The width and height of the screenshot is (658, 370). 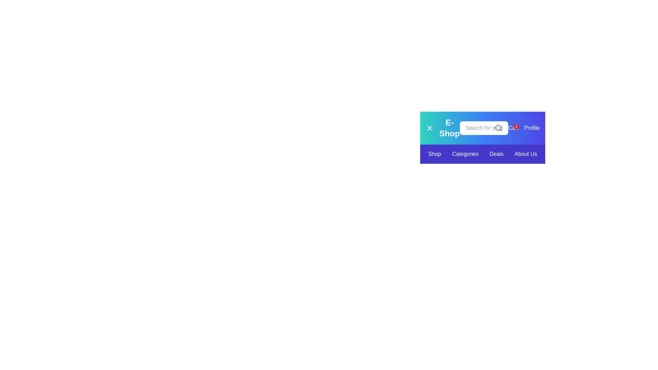 I want to click on the navigation link set which includes 'Shop', 'Categories', 'Deals', and 'About Us', so click(x=482, y=154).